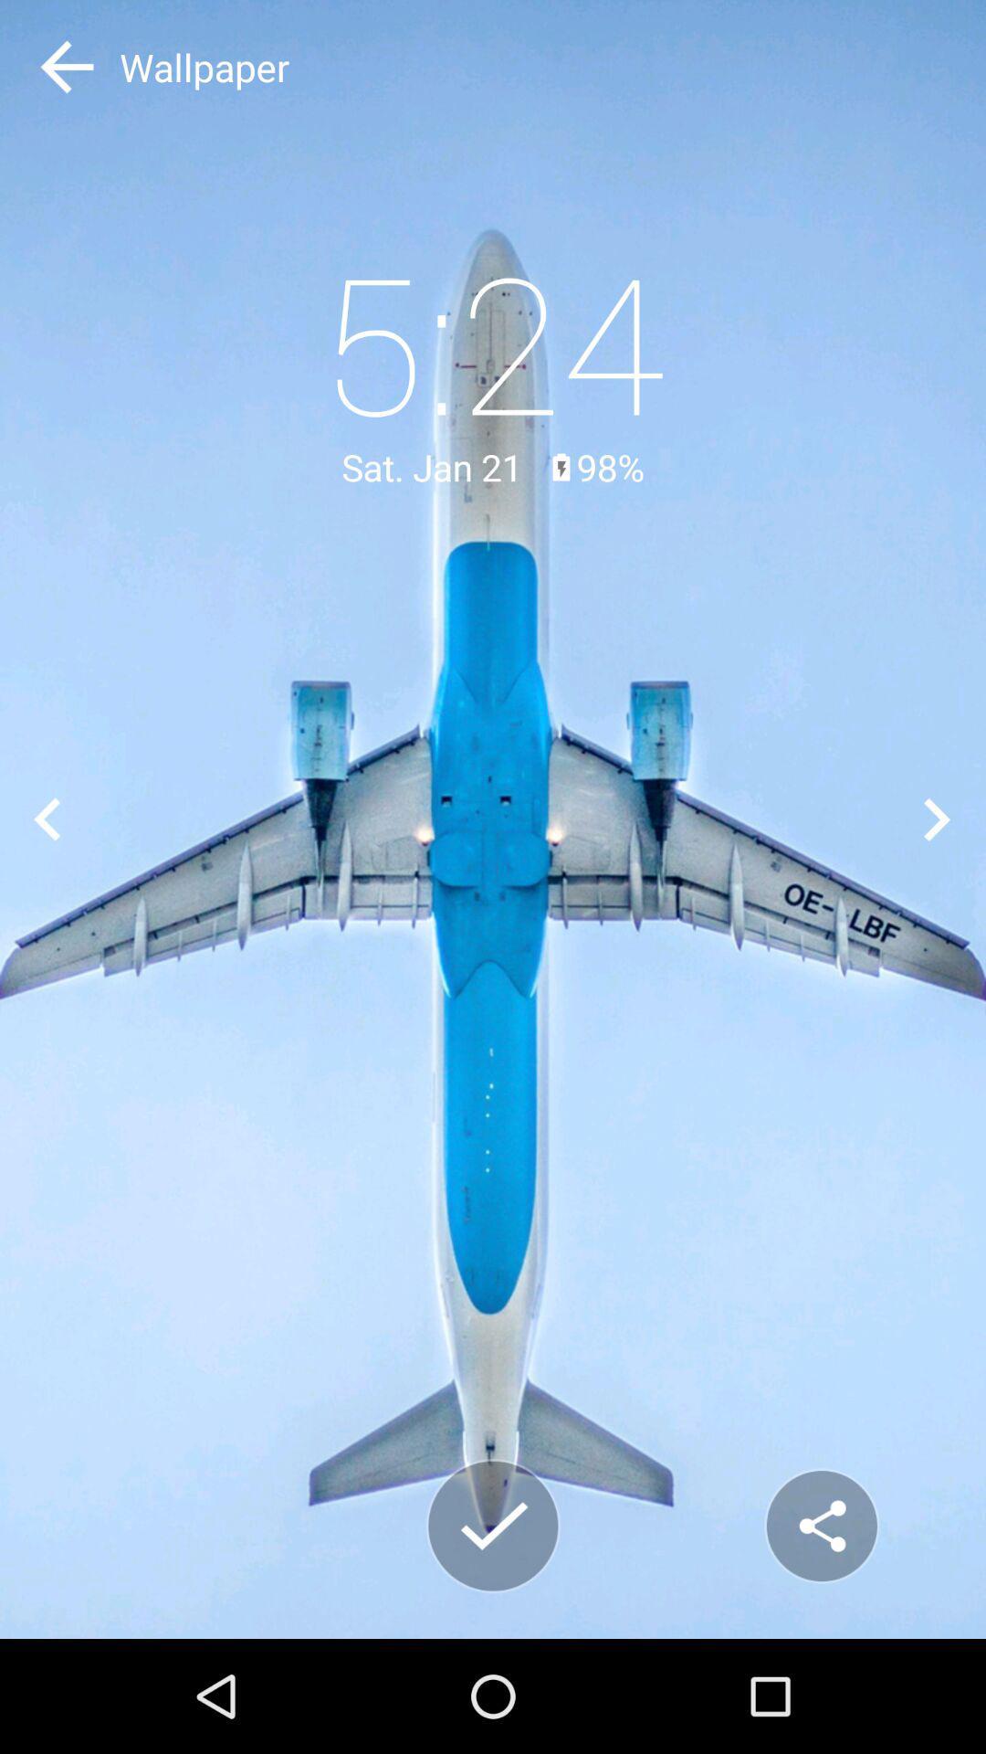  I want to click on the check icon, so click(493, 1526).